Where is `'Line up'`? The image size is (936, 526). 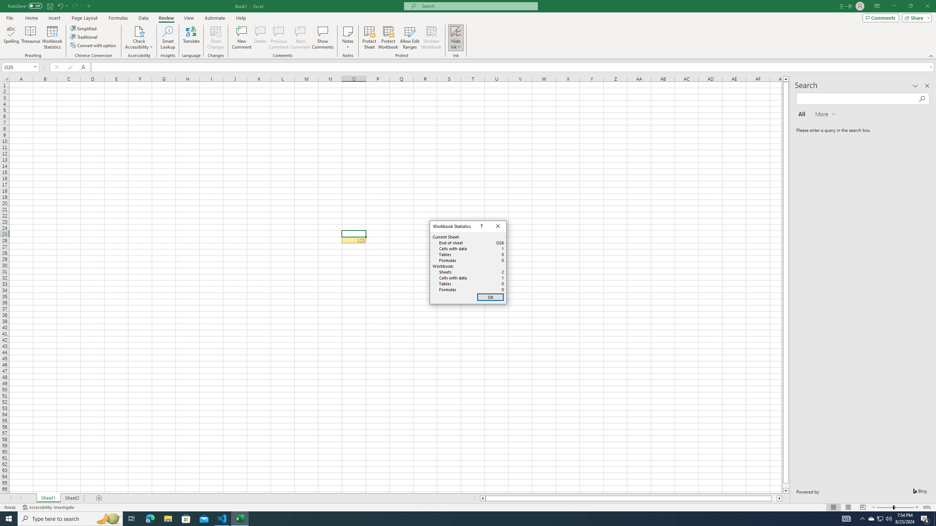 'Line up' is located at coordinates (785, 79).